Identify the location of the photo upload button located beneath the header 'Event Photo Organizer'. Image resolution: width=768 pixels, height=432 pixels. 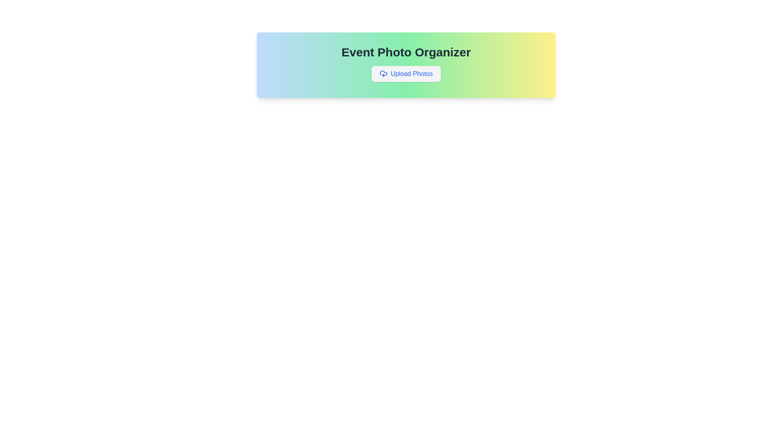
(406, 74).